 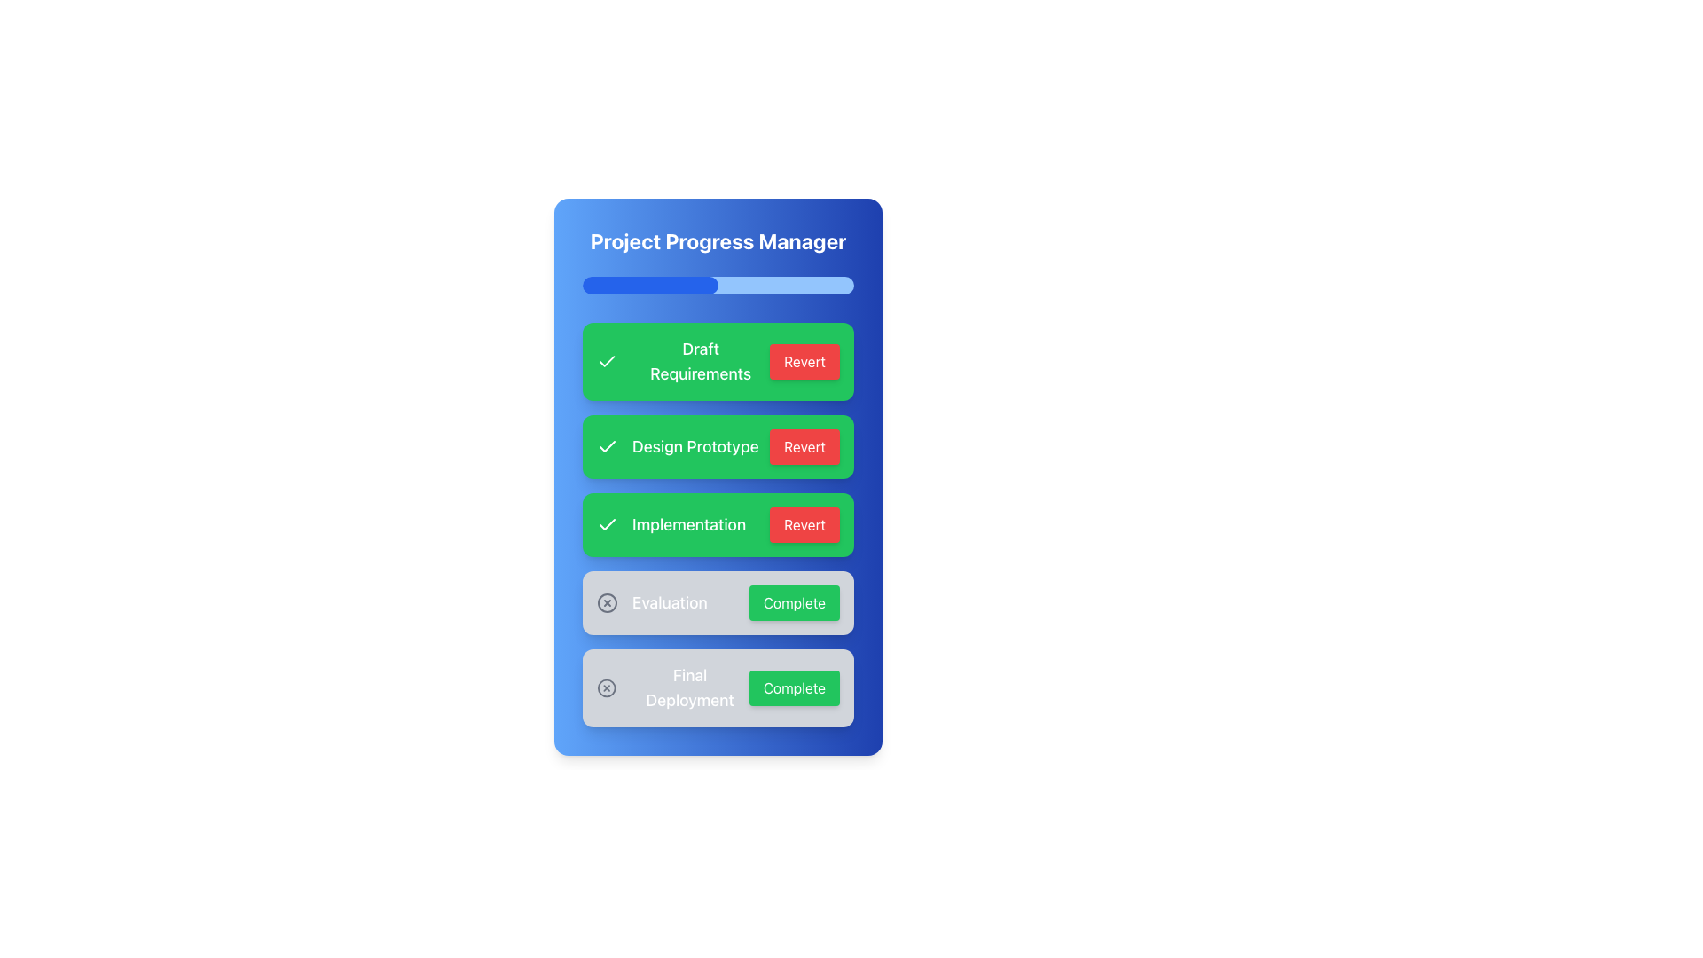 I want to click on the green checkmark icon that indicates the completion of the 'Design Prototype' task, located in the second row of the task list, so click(x=608, y=445).